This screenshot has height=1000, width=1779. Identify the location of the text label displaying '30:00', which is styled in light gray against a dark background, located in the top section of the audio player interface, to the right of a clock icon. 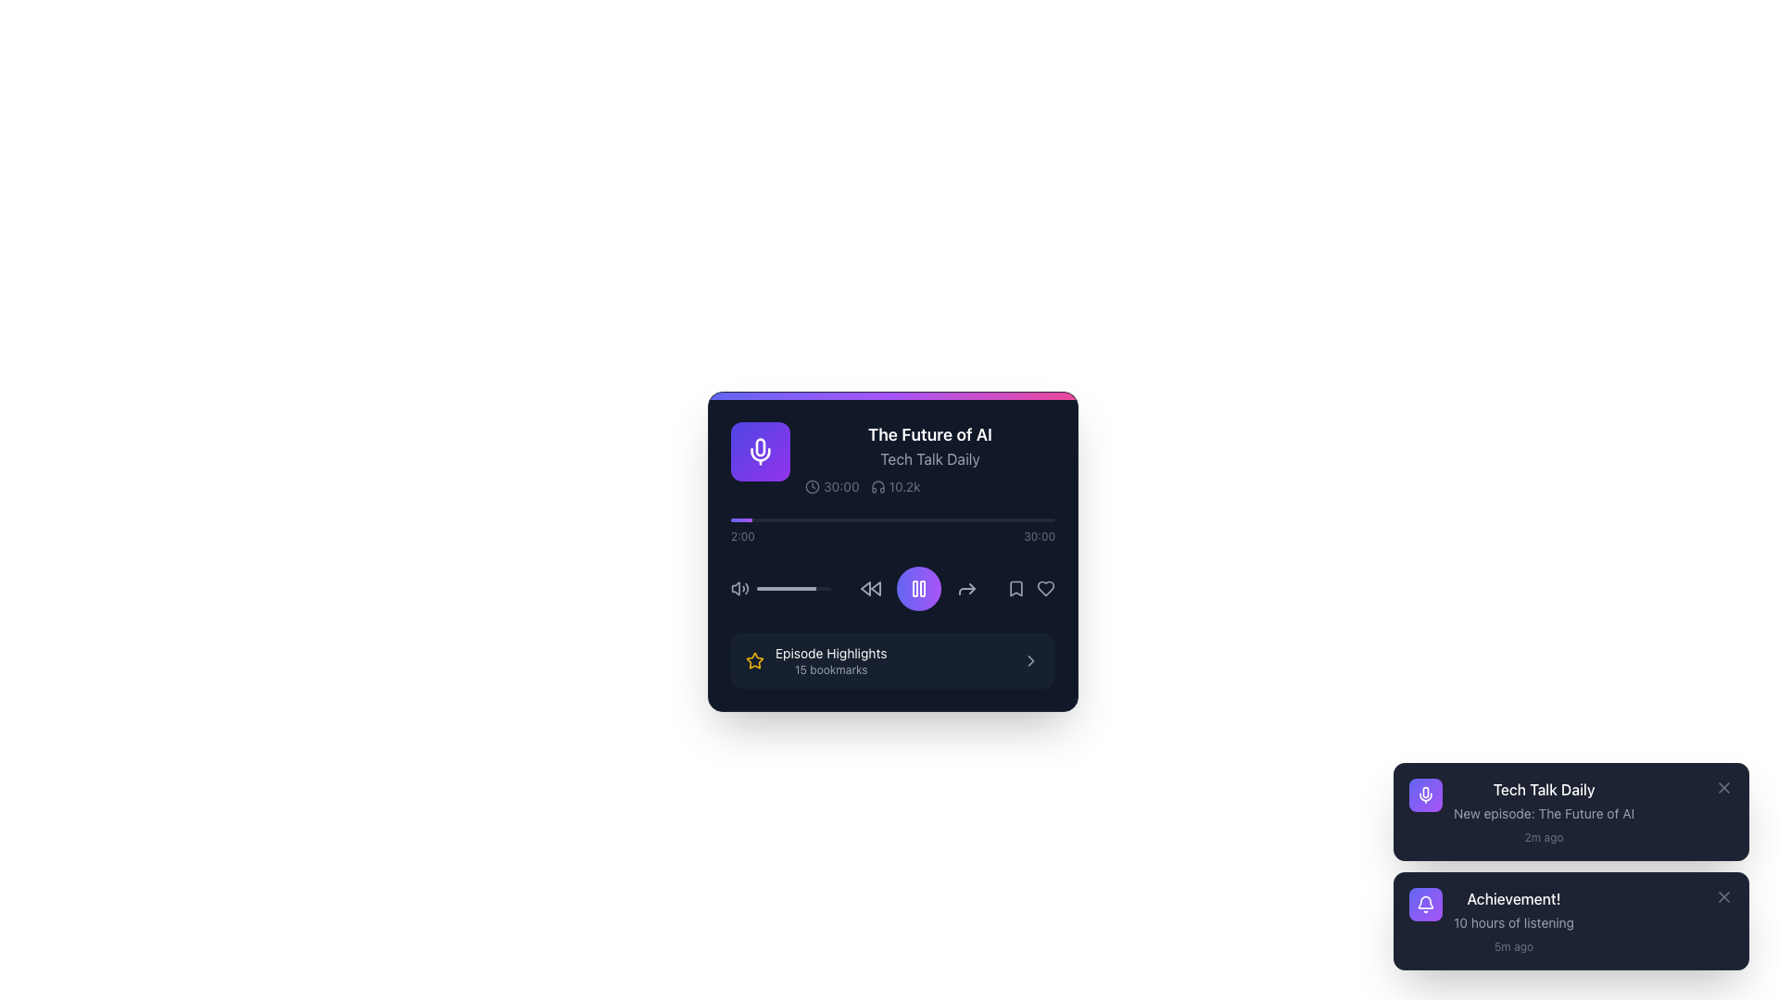
(840, 485).